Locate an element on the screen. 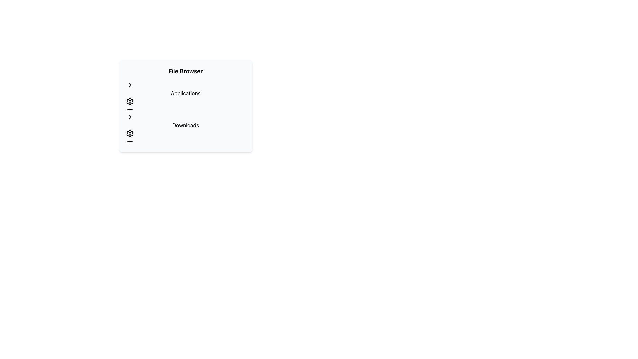 Image resolution: width=638 pixels, height=359 pixels. the gear-shaped SVG icon in the sidebar is located at coordinates (130, 133).